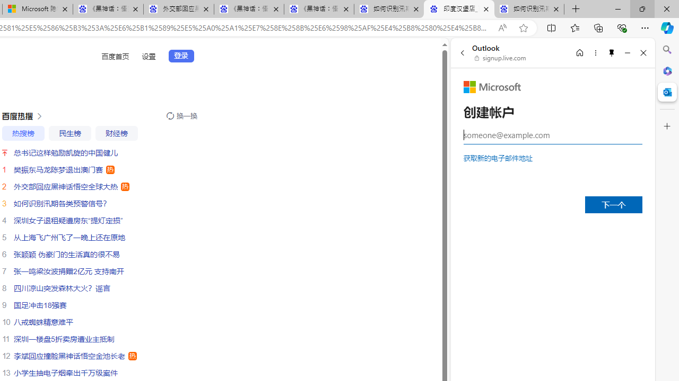 This screenshot has height=381, width=679. I want to click on 'signup.live.com', so click(500, 58).